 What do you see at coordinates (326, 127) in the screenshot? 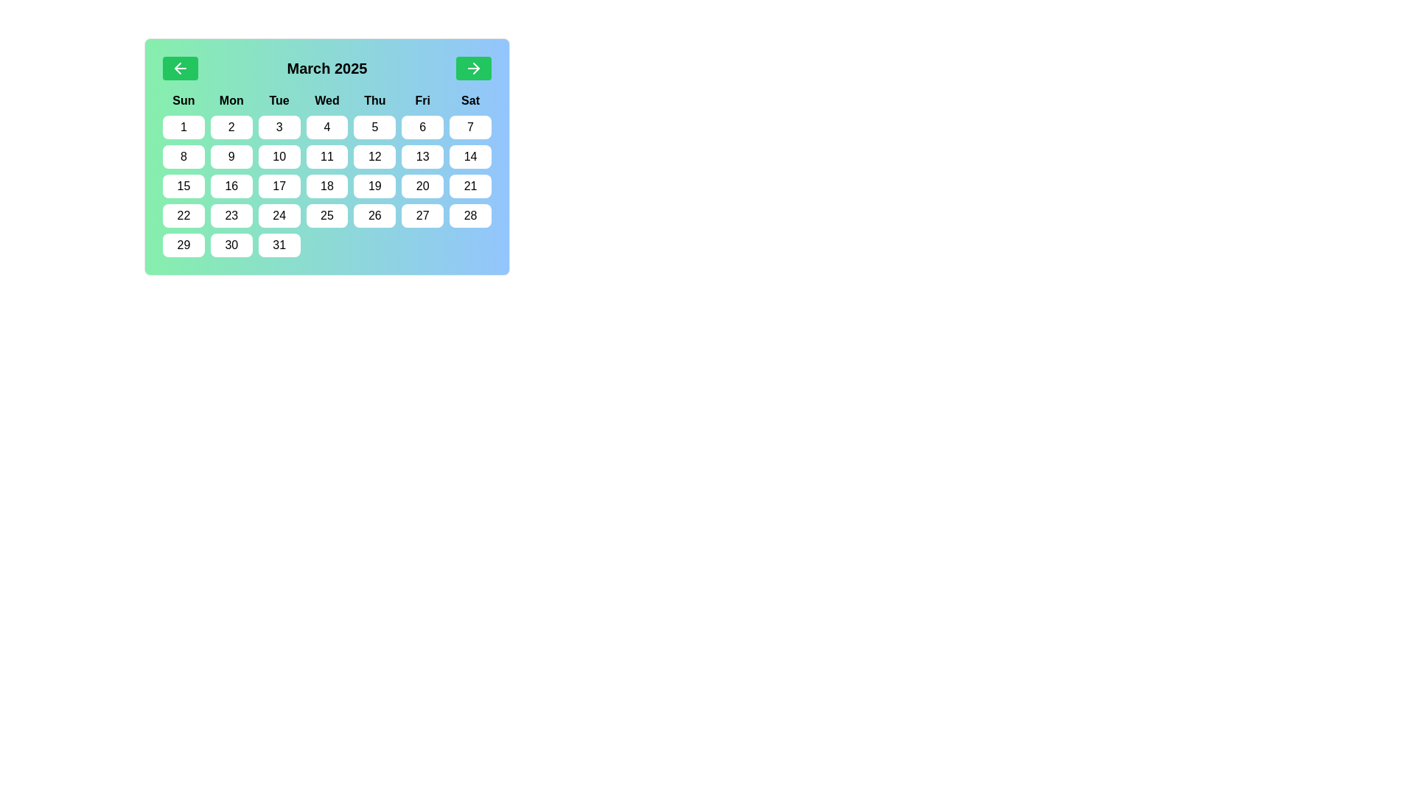
I see `the calendar day button labeled '4' located in the first row of date buttons under the column labeled 'Wed'` at bounding box center [326, 127].